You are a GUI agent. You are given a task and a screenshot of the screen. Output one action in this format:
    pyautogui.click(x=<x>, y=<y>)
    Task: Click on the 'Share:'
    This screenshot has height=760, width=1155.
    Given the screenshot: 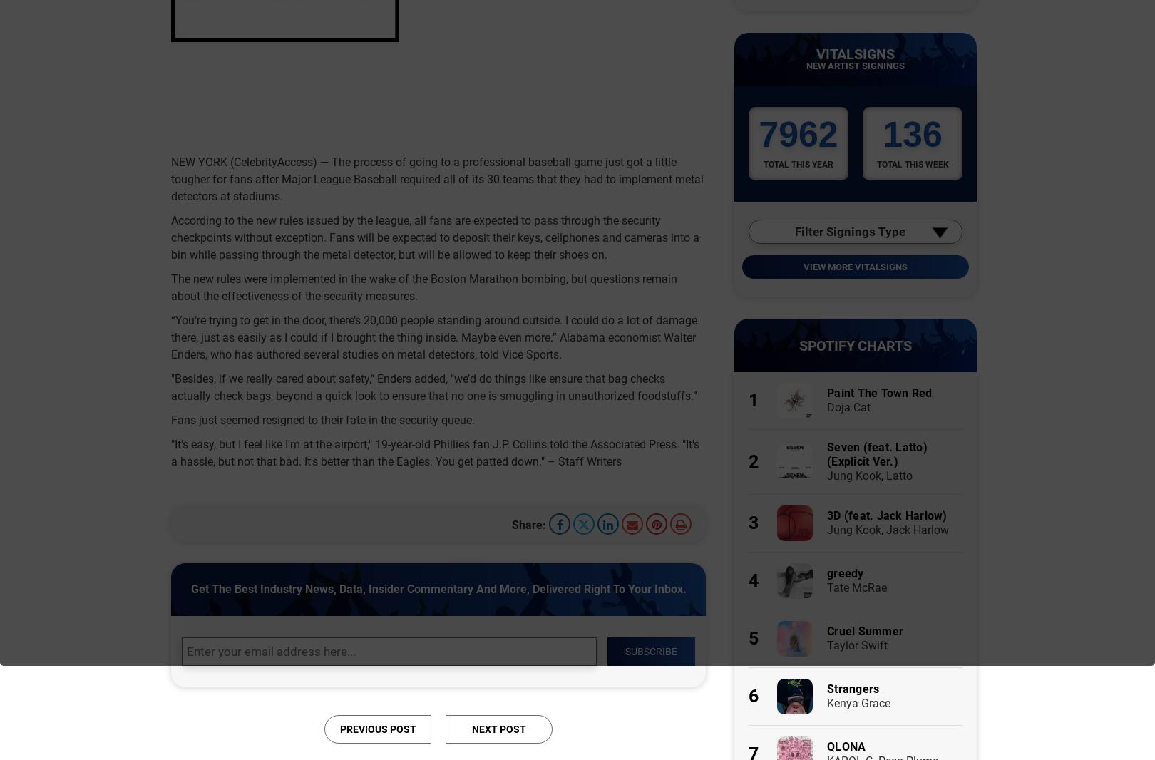 What is the action you would take?
    pyautogui.click(x=528, y=523)
    